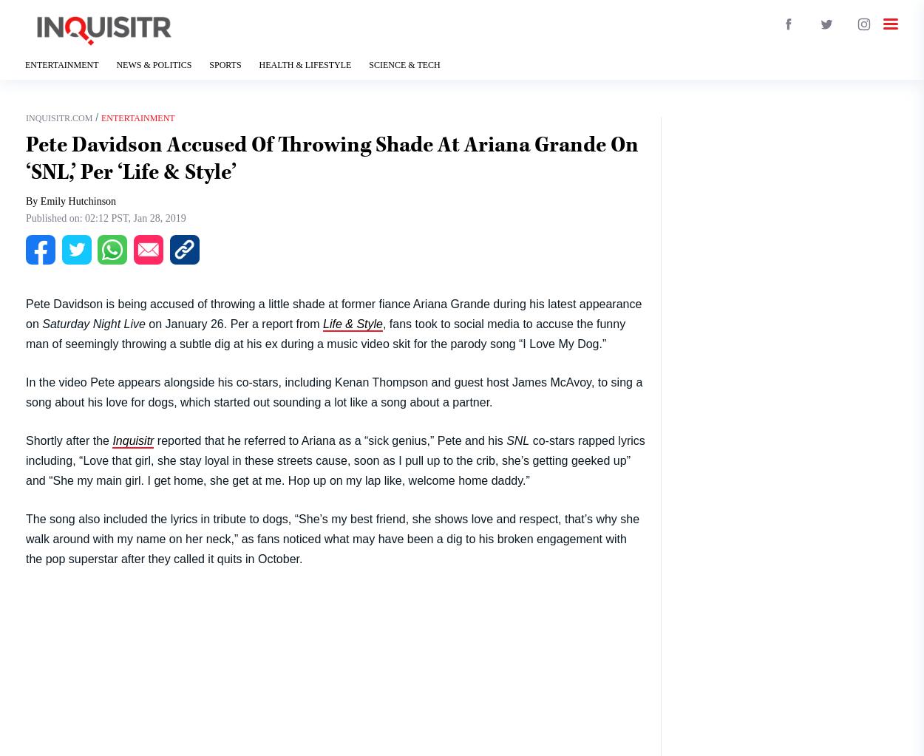  What do you see at coordinates (332, 538) in the screenshot?
I see `'The song also included the lyrics in tribute to dogs, “She’s my best friend, she shows love and respect, that’s why she walk around with my name on her neck,” as fans noticed what may have been a dig to his broken engagement with the pop superstar after they called it quits in October.'` at bounding box center [332, 538].